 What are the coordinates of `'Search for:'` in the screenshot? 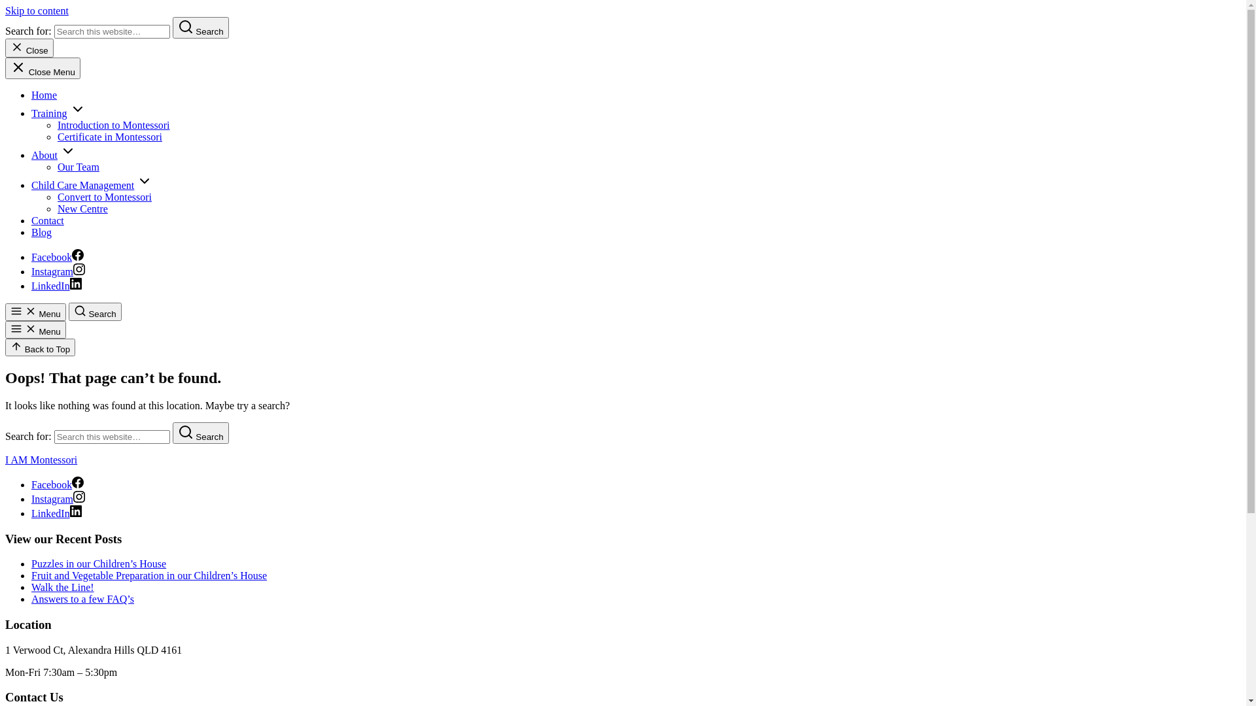 It's located at (53, 437).